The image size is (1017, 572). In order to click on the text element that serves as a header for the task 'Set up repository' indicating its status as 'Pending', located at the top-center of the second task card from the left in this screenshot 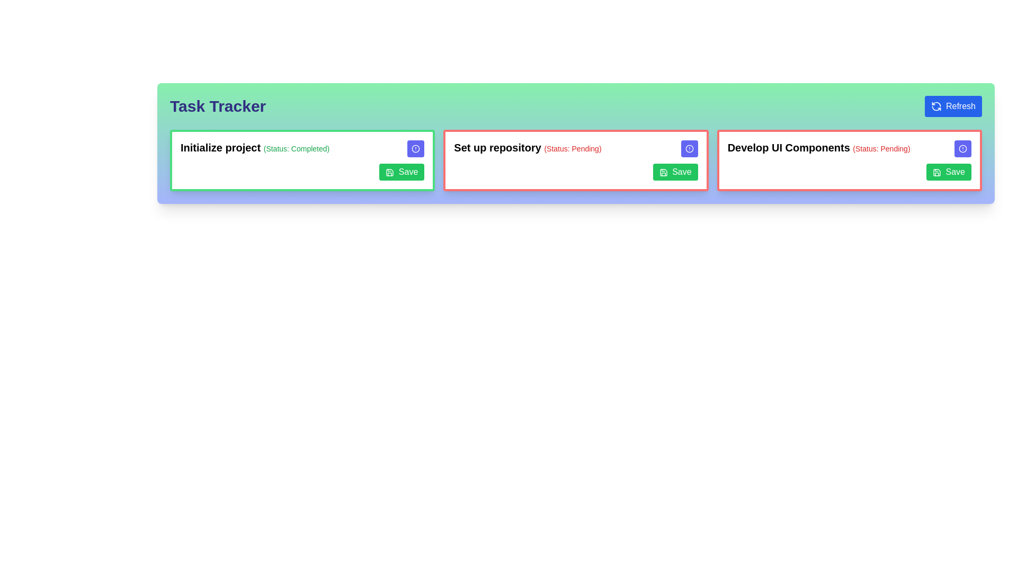, I will do `click(528, 149)`.